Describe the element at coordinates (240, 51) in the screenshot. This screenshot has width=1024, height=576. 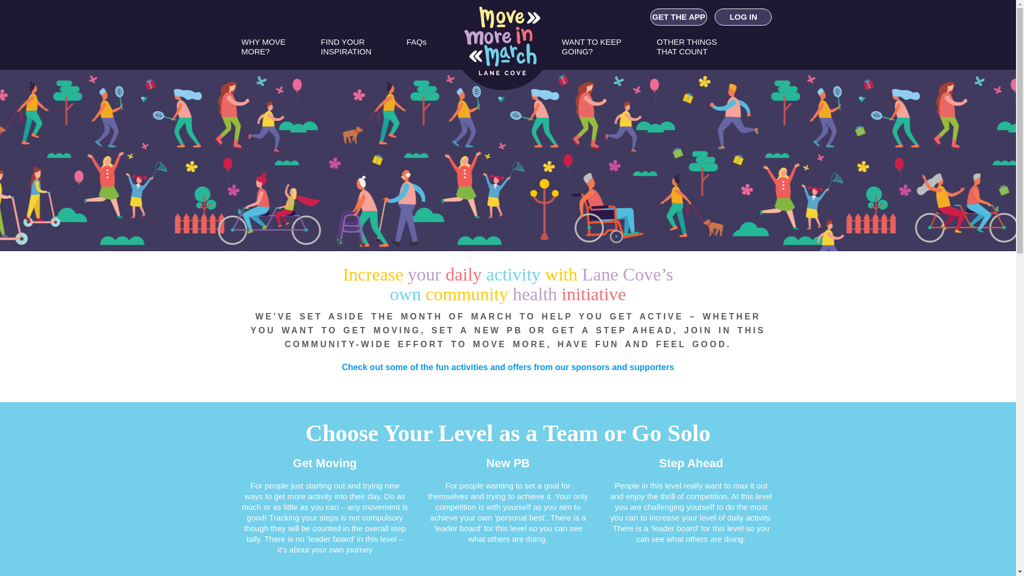
I see `'WHY MOVE` at that location.